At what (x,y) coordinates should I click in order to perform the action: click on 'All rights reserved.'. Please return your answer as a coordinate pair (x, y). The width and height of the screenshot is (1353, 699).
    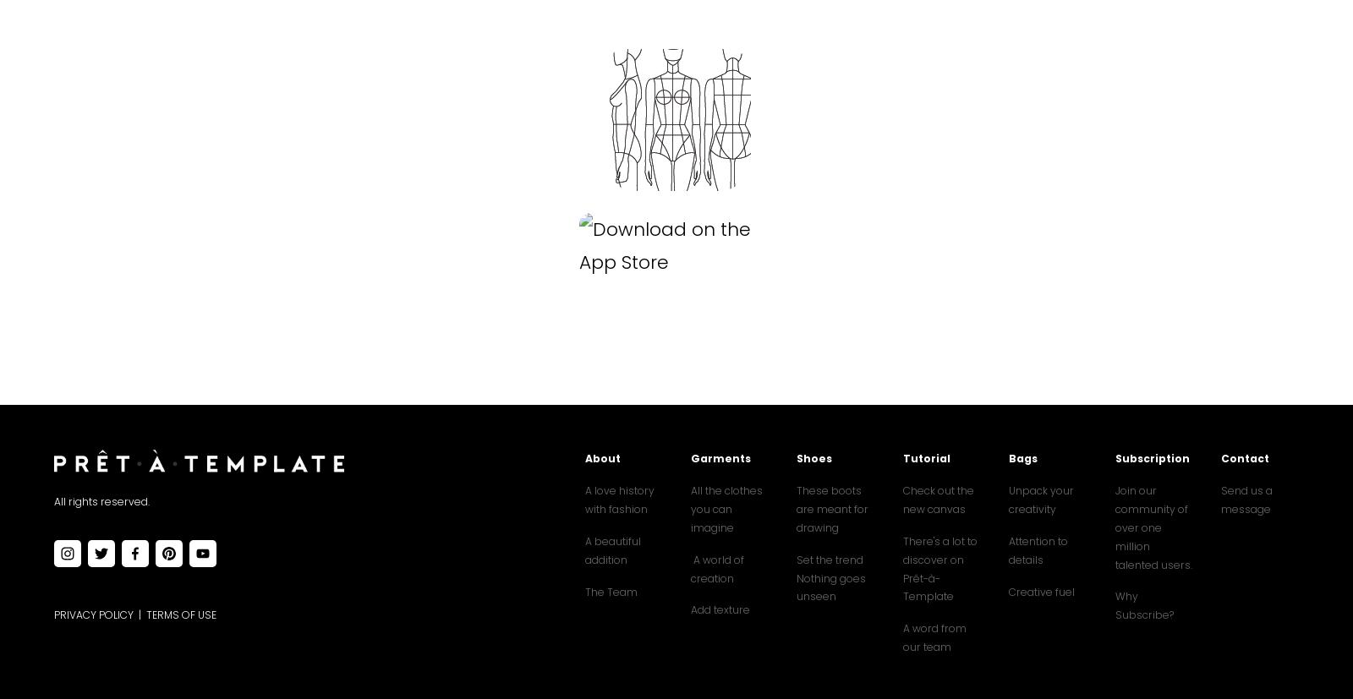
    Looking at the image, I should click on (101, 500).